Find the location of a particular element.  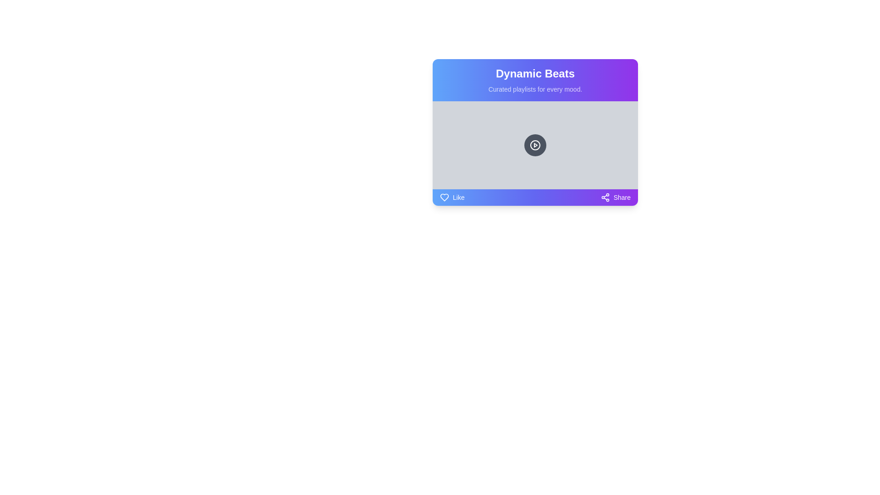

the play button located at the center of the 'Dynamic Beats' card is located at coordinates (535, 144).